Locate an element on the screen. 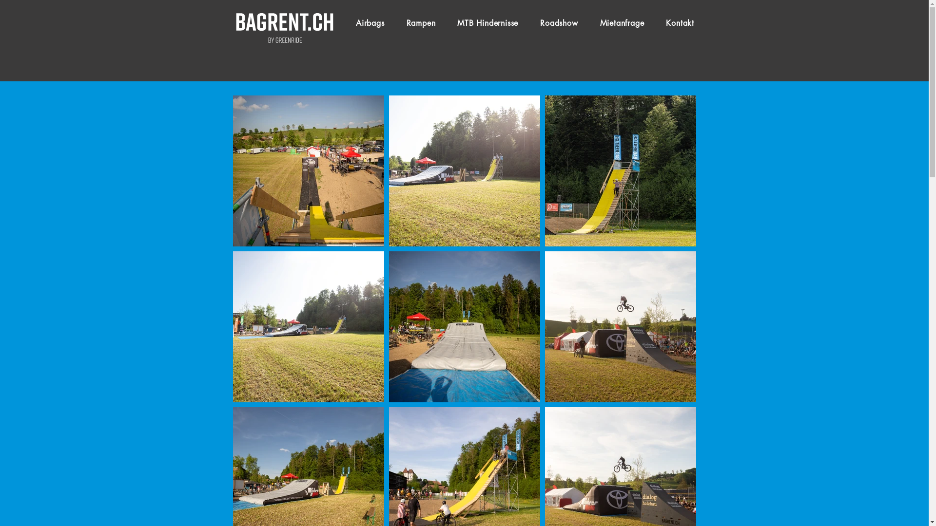 The width and height of the screenshot is (936, 526). 'Mietanfrage' is located at coordinates (622, 22).